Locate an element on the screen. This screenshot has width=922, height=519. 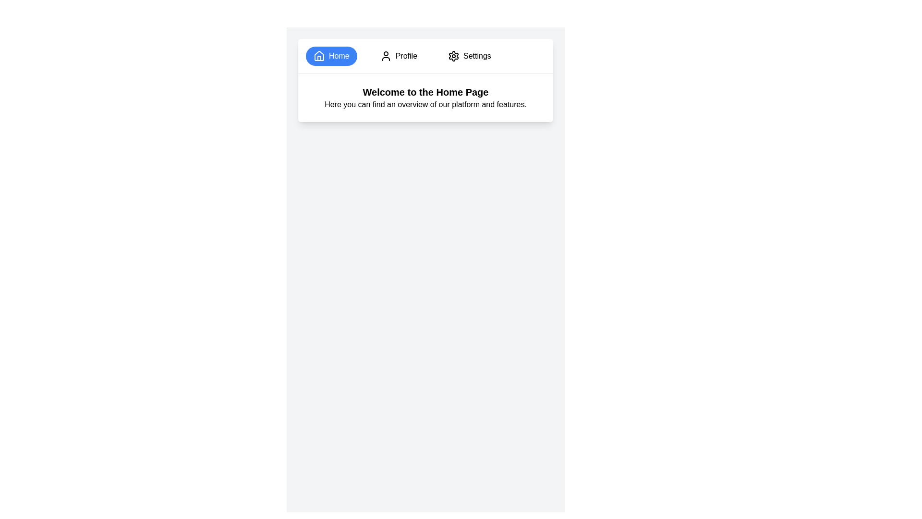
the 'Settings' text label in the navigation bar is located at coordinates (477, 56).